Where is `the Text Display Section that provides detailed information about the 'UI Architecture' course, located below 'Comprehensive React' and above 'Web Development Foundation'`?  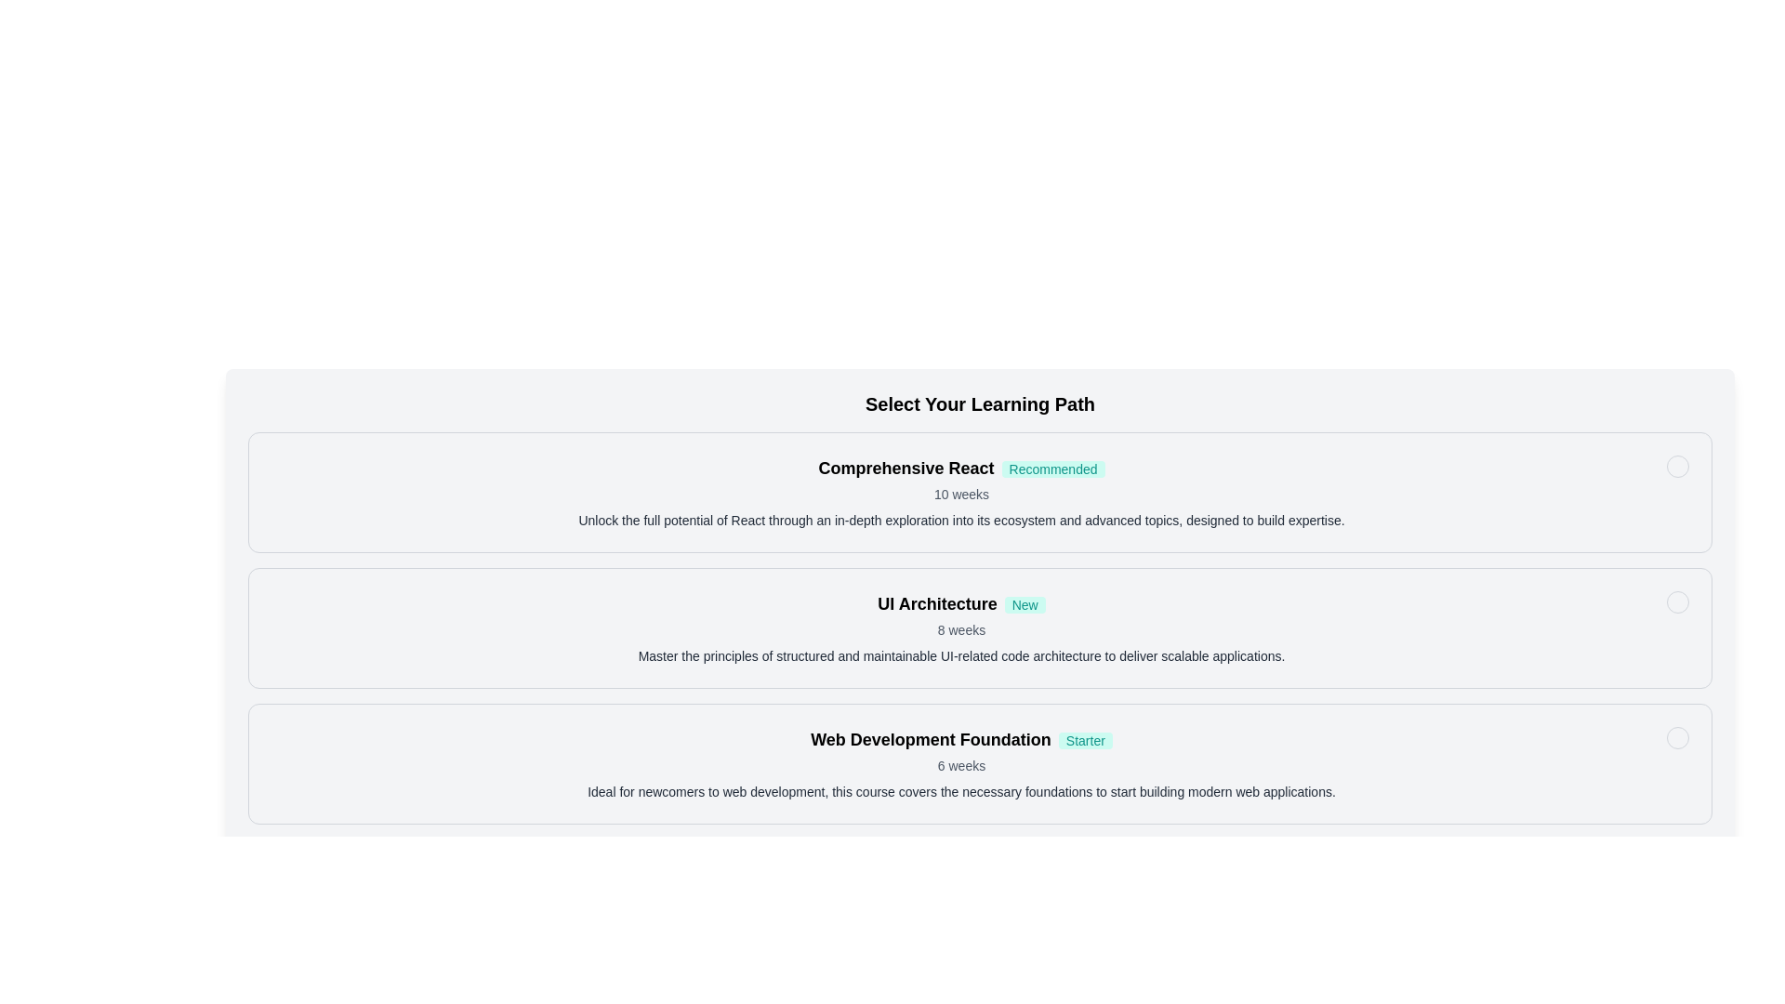
the Text Display Section that provides detailed information about the 'UI Architecture' course, located below 'Comprehensive React' and above 'Web Development Foundation' is located at coordinates (961, 627).